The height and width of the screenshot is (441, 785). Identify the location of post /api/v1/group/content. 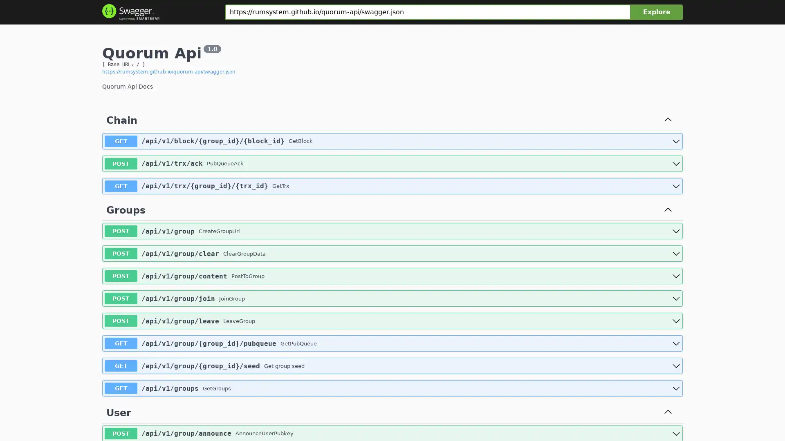
(392, 276).